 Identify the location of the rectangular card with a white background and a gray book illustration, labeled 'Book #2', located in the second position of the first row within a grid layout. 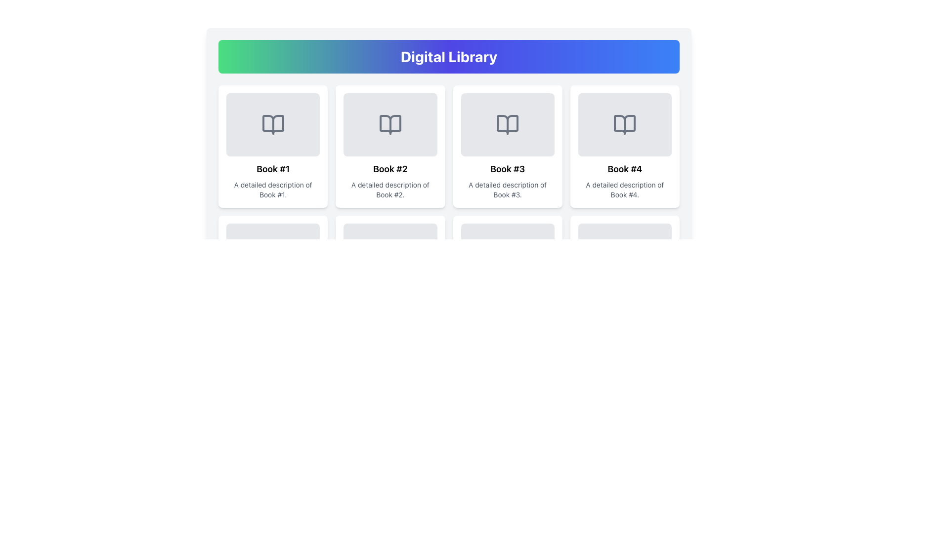
(389, 147).